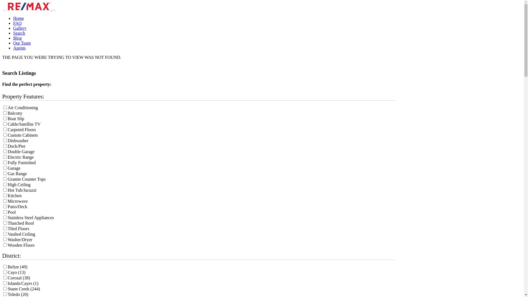  I want to click on 'Search', so click(19, 33).